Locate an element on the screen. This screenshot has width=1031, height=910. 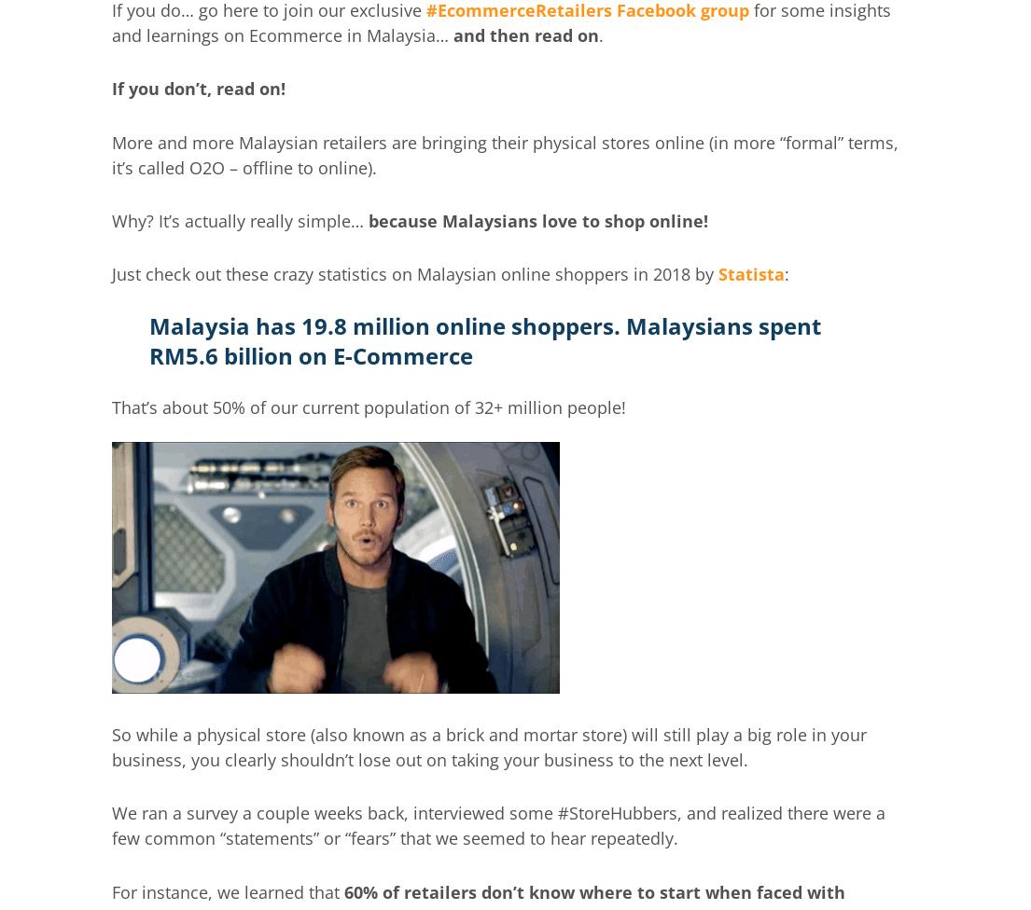
'Statista' is located at coordinates (750, 273).